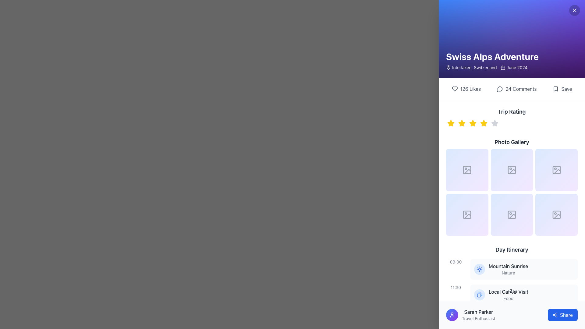 The height and width of the screenshot is (329, 585). I want to click on the image placeholder located at the bottom-rightmost position of the 3x3 grid under the 'Photo Gallery' header to interact with it, so click(556, 214).